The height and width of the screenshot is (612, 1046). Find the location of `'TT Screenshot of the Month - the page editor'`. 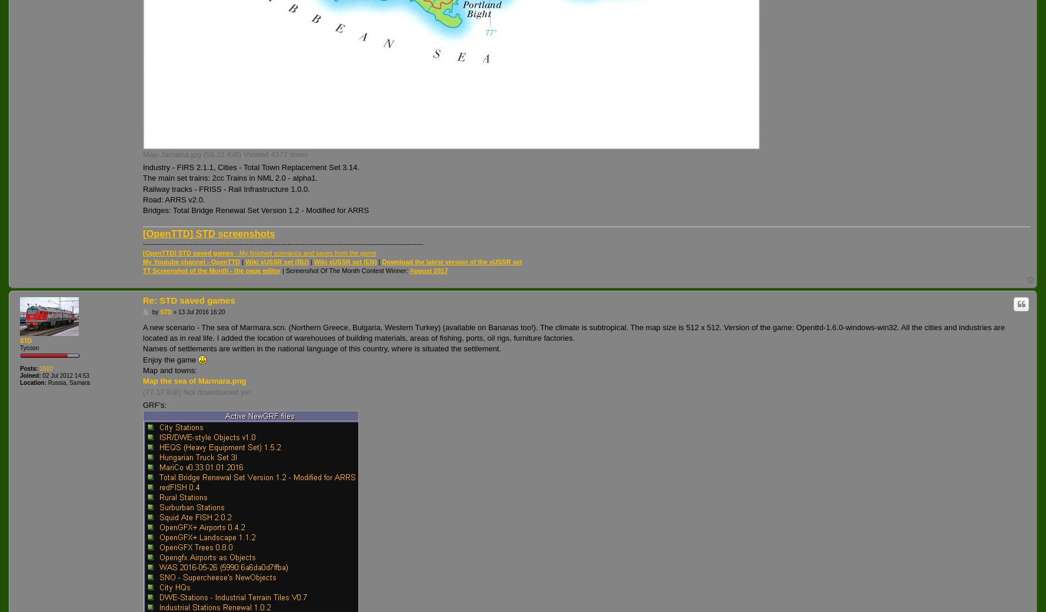

'TT Screenshot of the Month - the page editor' is located at coordinates (142, 270).